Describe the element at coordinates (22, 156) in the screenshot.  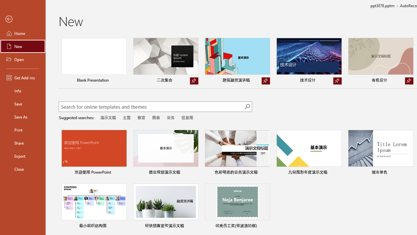
I see `'Export'` at that location.